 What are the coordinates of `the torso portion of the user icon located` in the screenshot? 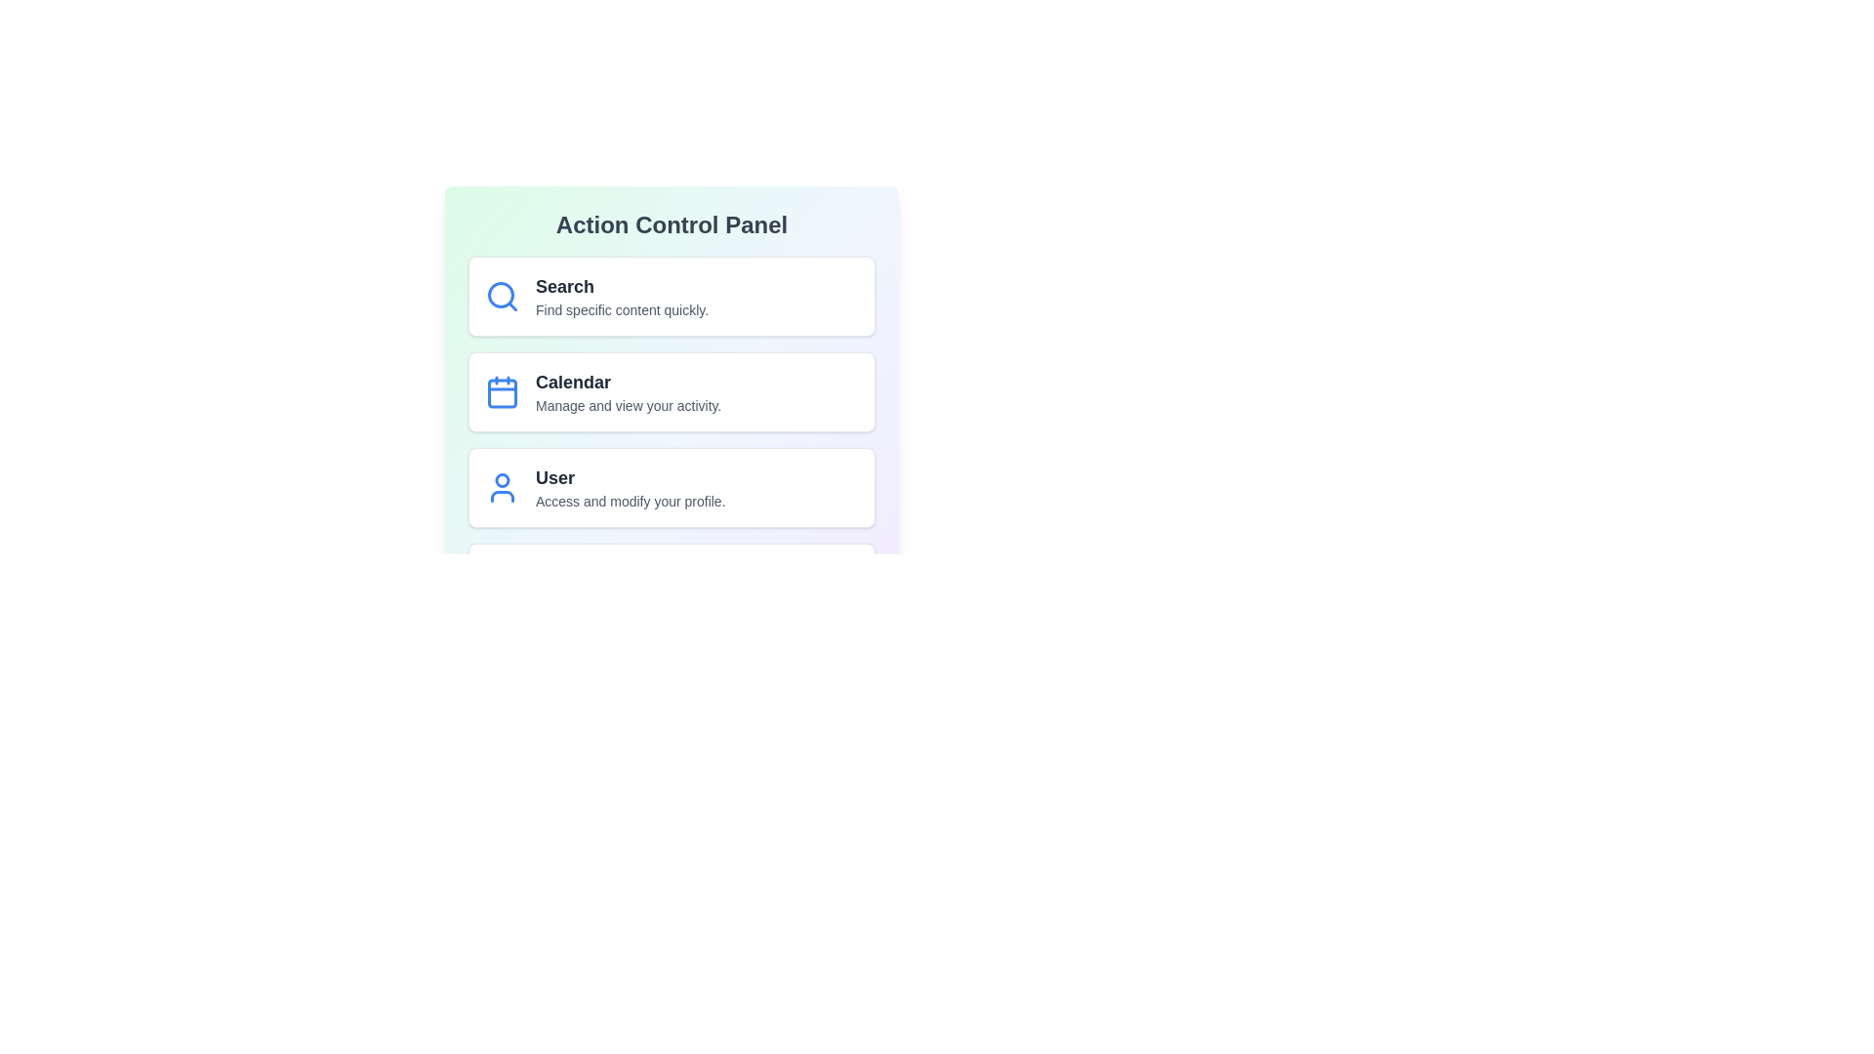 It's located at (502, 496).